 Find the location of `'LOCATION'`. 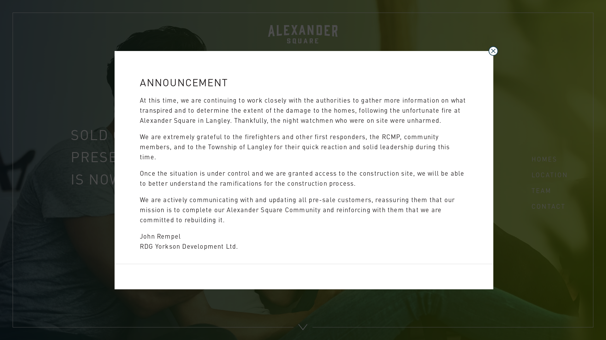

'LOCATION' is located at coordinates (550, 174).